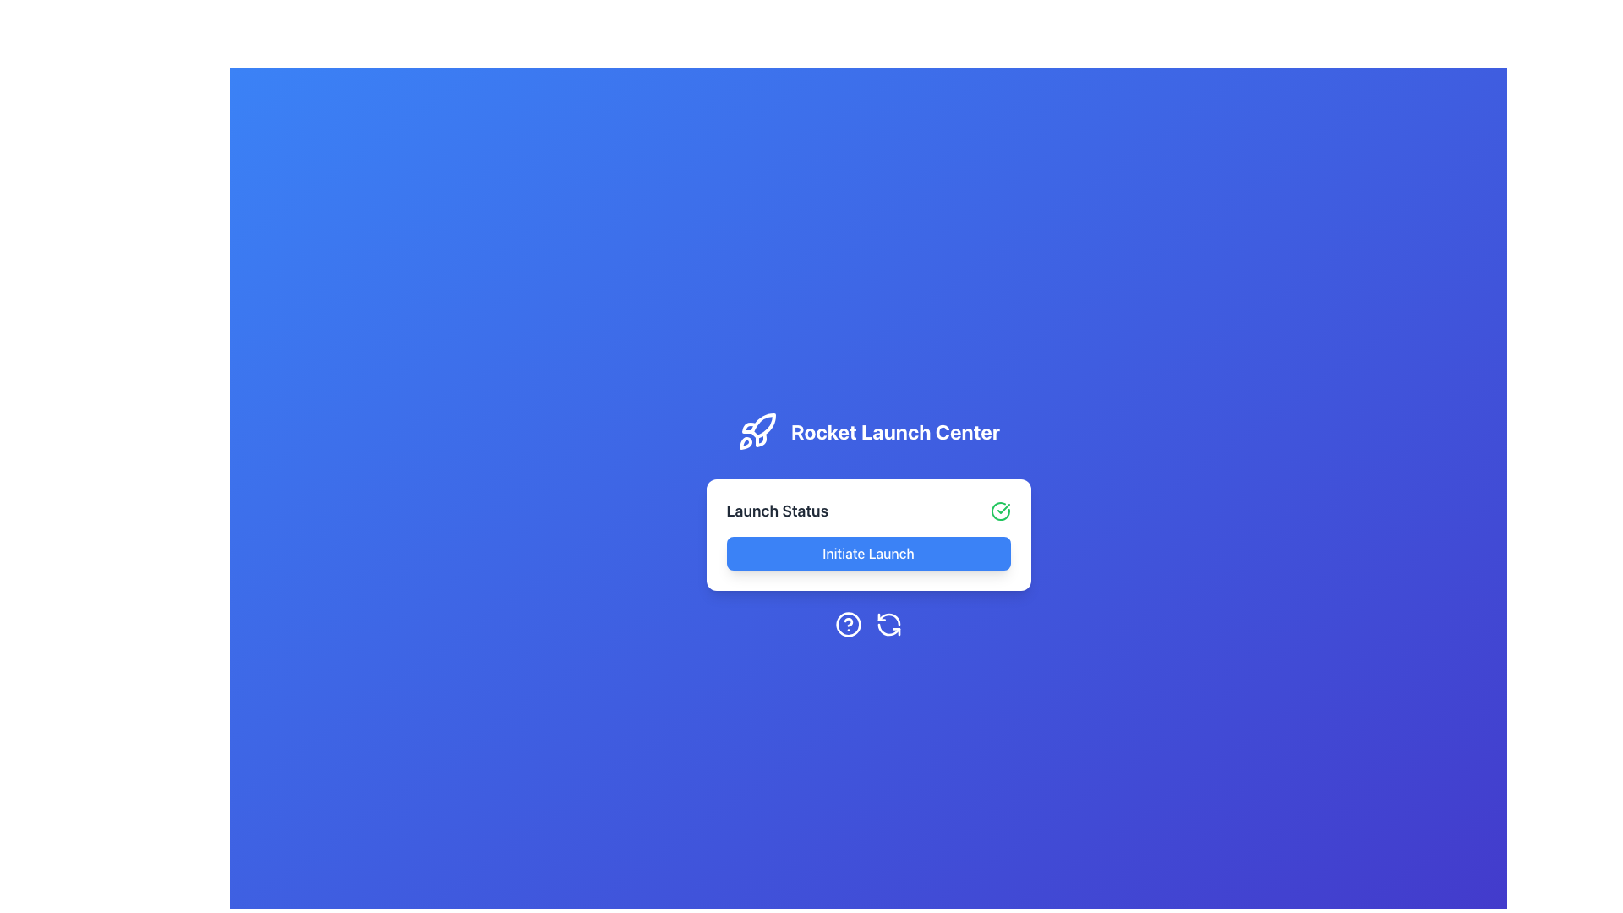 This screenshot has height=913, width=1623. I want to click on the curved lower section of the rocket icon, which is part of a graphic depicting a rocket and is located above the text 'Rocket Launch Center', so click(745, 442).